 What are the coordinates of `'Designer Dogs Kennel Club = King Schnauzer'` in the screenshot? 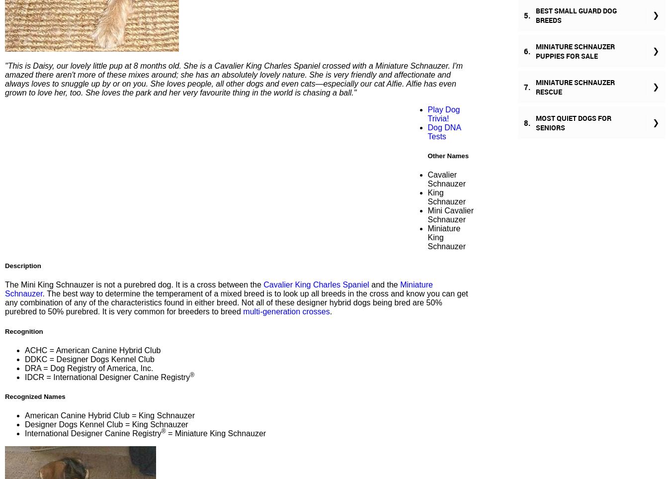 It's located at (106, 424).